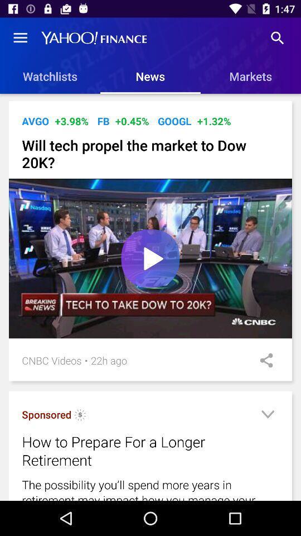 Image resolution: width=301 pixels, height=536 pixels. What do you see at coordinates (174, 121) in the screenshot?
I see `icon next to the +1.32% item` at bounding box center [174, 121].